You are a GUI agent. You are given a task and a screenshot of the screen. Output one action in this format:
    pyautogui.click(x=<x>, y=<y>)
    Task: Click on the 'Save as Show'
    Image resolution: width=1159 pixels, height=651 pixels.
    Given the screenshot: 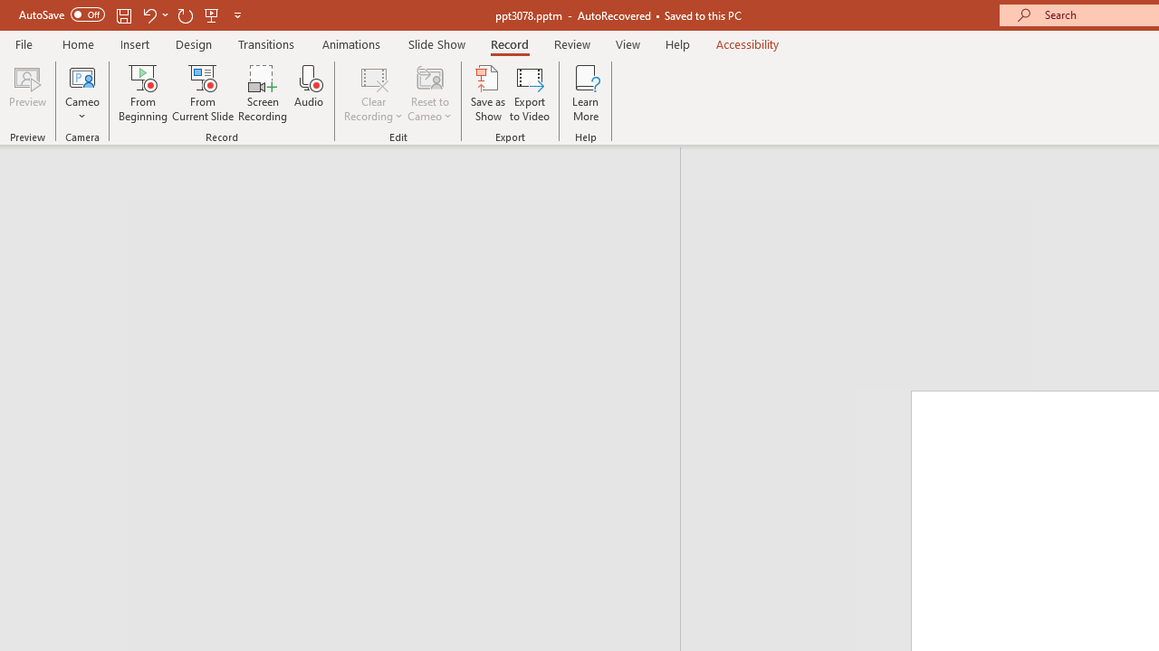 What is the action you would take?
    pyautogui.click(x=488, y=93)
    